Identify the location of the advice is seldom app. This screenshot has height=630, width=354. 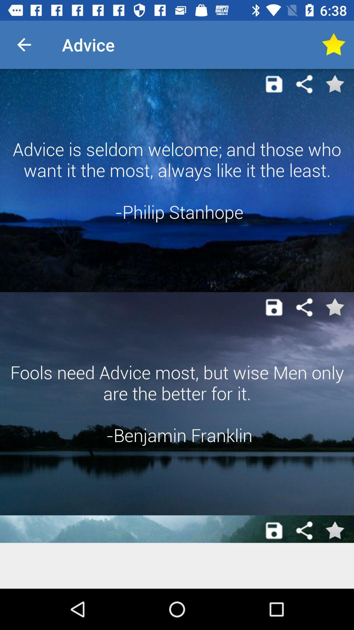
(177, 180).